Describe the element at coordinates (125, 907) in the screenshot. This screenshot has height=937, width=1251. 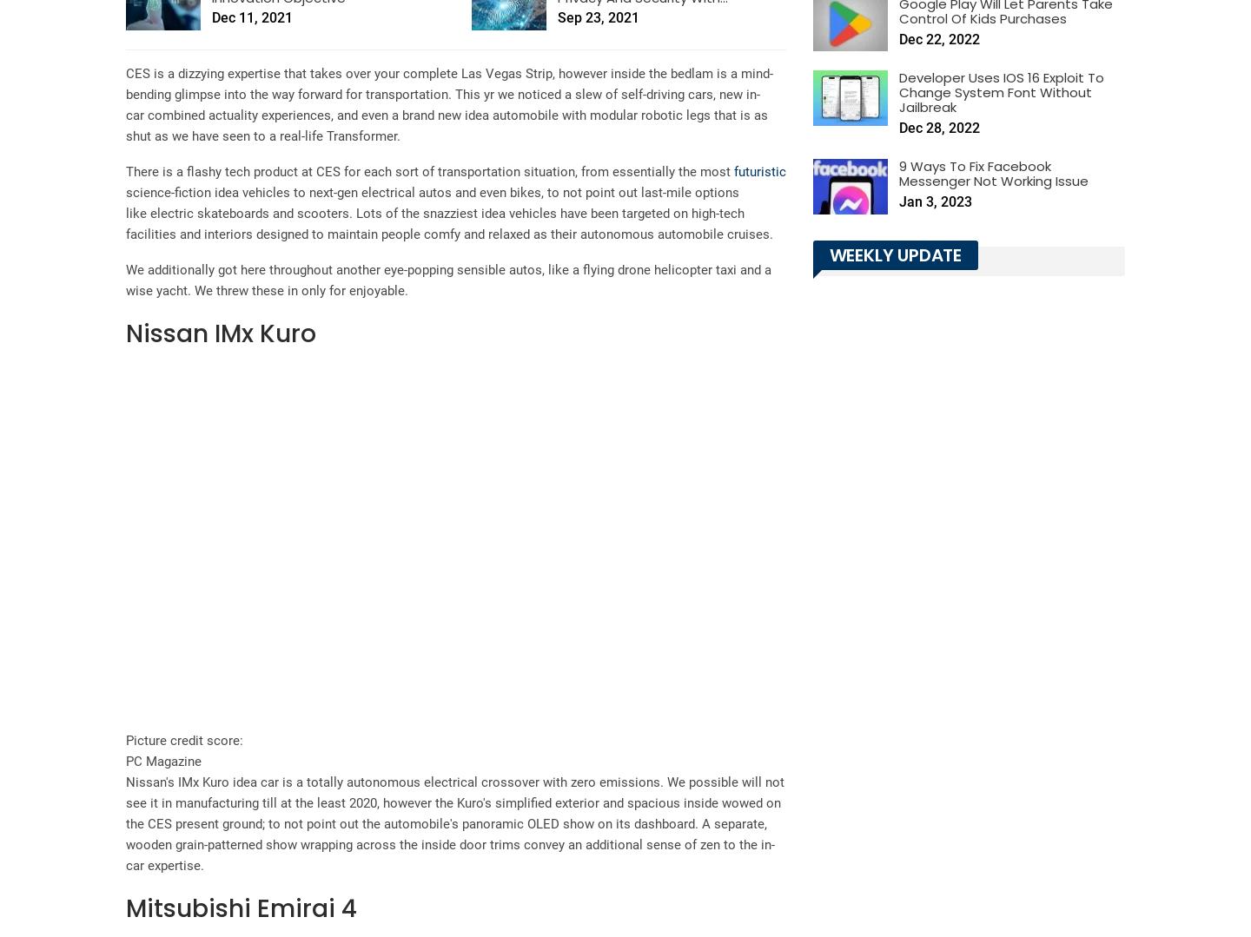
I see `'Mitsubishi Emirai 4'` at that location.